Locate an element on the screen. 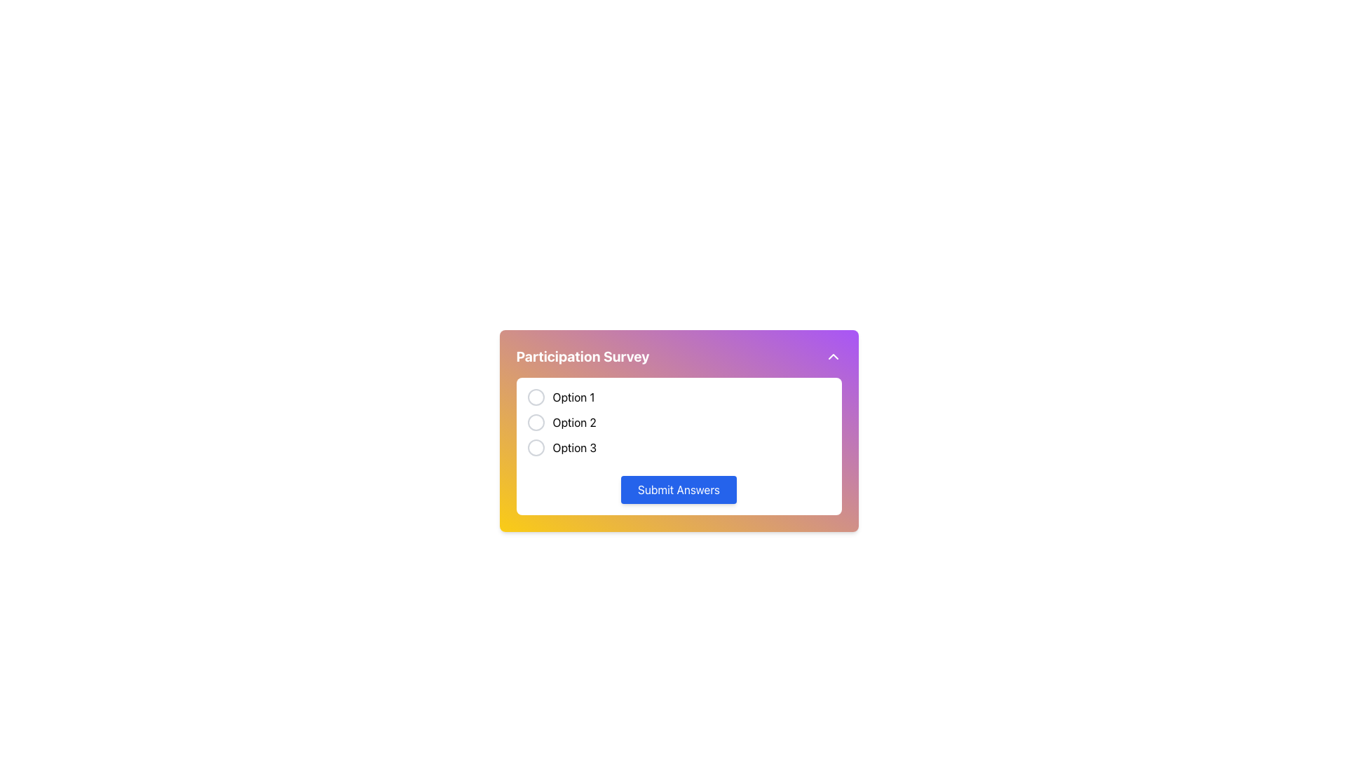  the movable Icon (Chevron Up) located in the top-right corner of the purple header bar containing 'Participation Survey' is located at coordinates (833, 356).